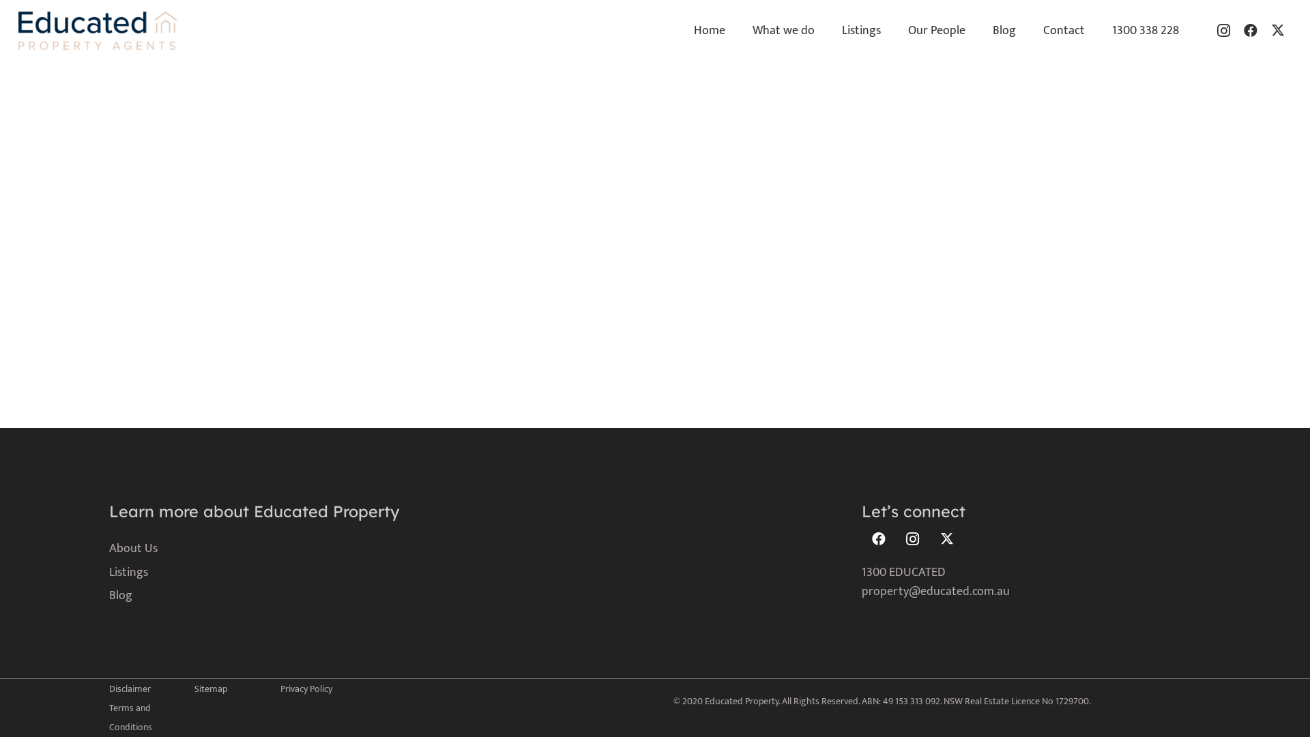  I want to click on 'About Us', so click(108, 547).